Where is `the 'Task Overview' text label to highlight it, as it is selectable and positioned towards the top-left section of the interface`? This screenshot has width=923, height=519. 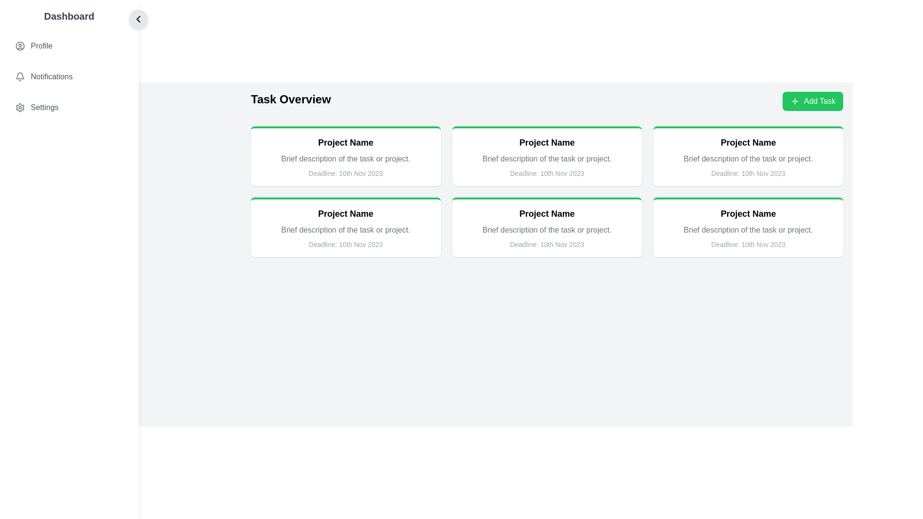 the 'Task Overview' text label to highlight it, as it is selectable and positioned towards the top-left section of the interface is located at coordinates (290, 101).